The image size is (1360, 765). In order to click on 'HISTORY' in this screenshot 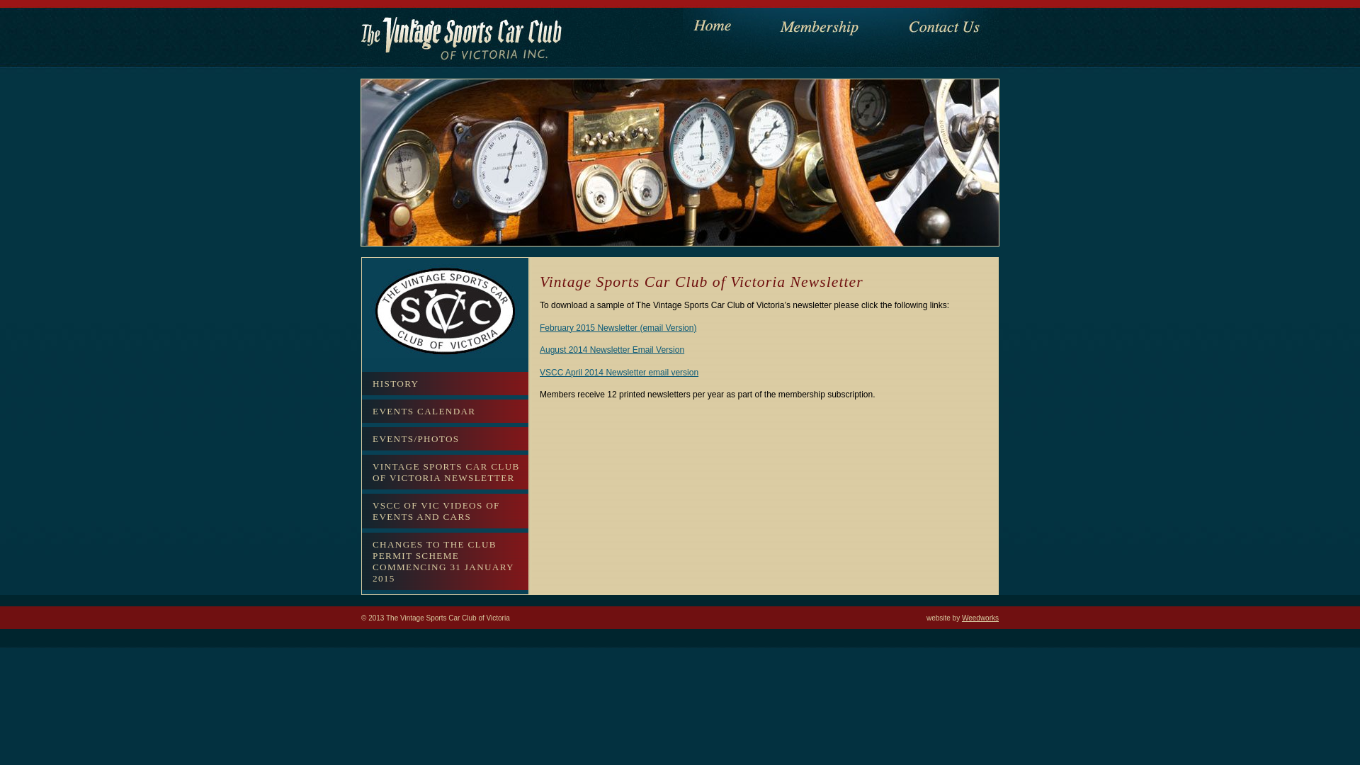, I will do `click(444, 383)`.